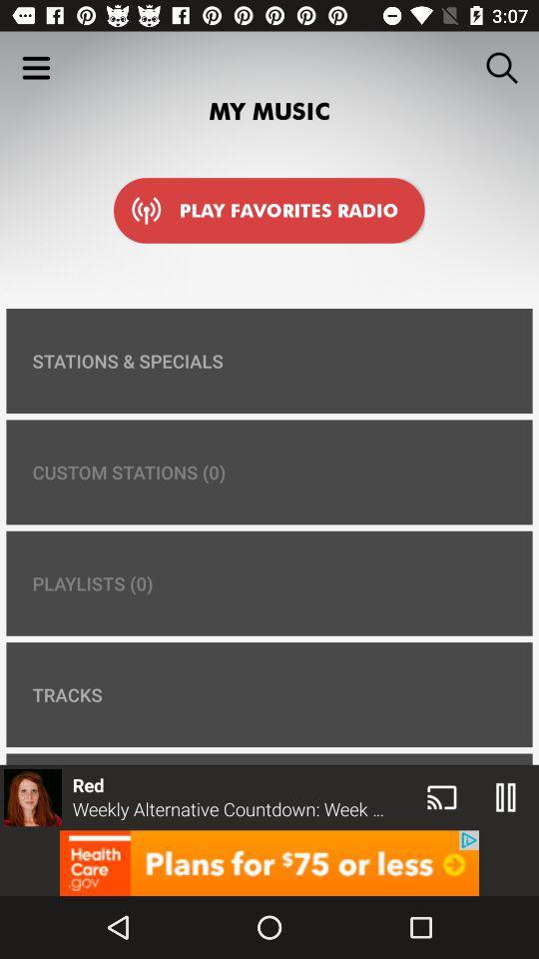 The height and width of the screenshot is (959, 539). What do you see at coordinates (506, 797) in the screenshot?
I see `the pause icon` at bounding box center [506, 797].